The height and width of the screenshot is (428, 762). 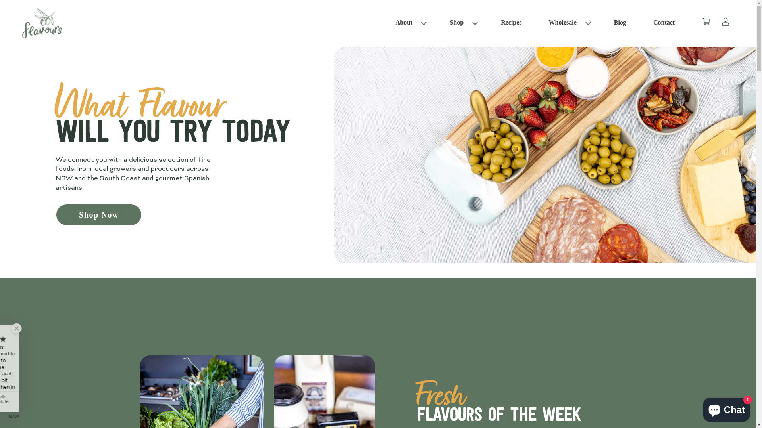 I want to click on 'Wholesale', so click(x=562, y=22).